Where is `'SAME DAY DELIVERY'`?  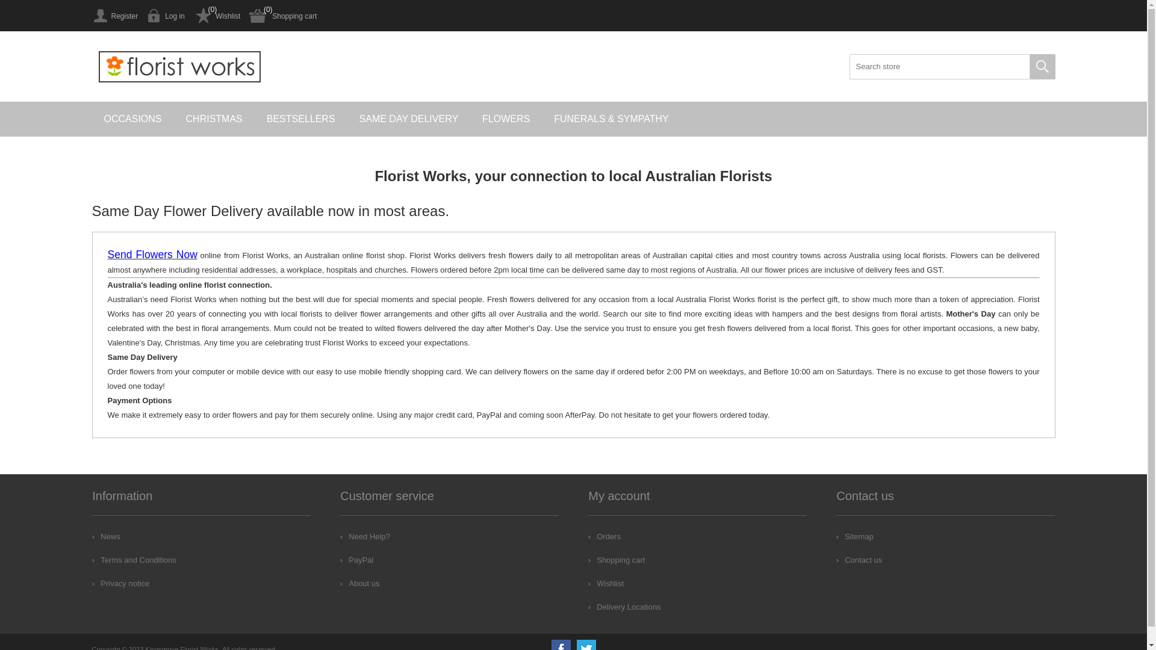 'SAME DAY DELIVERY' is located at coordinates (409, 119).